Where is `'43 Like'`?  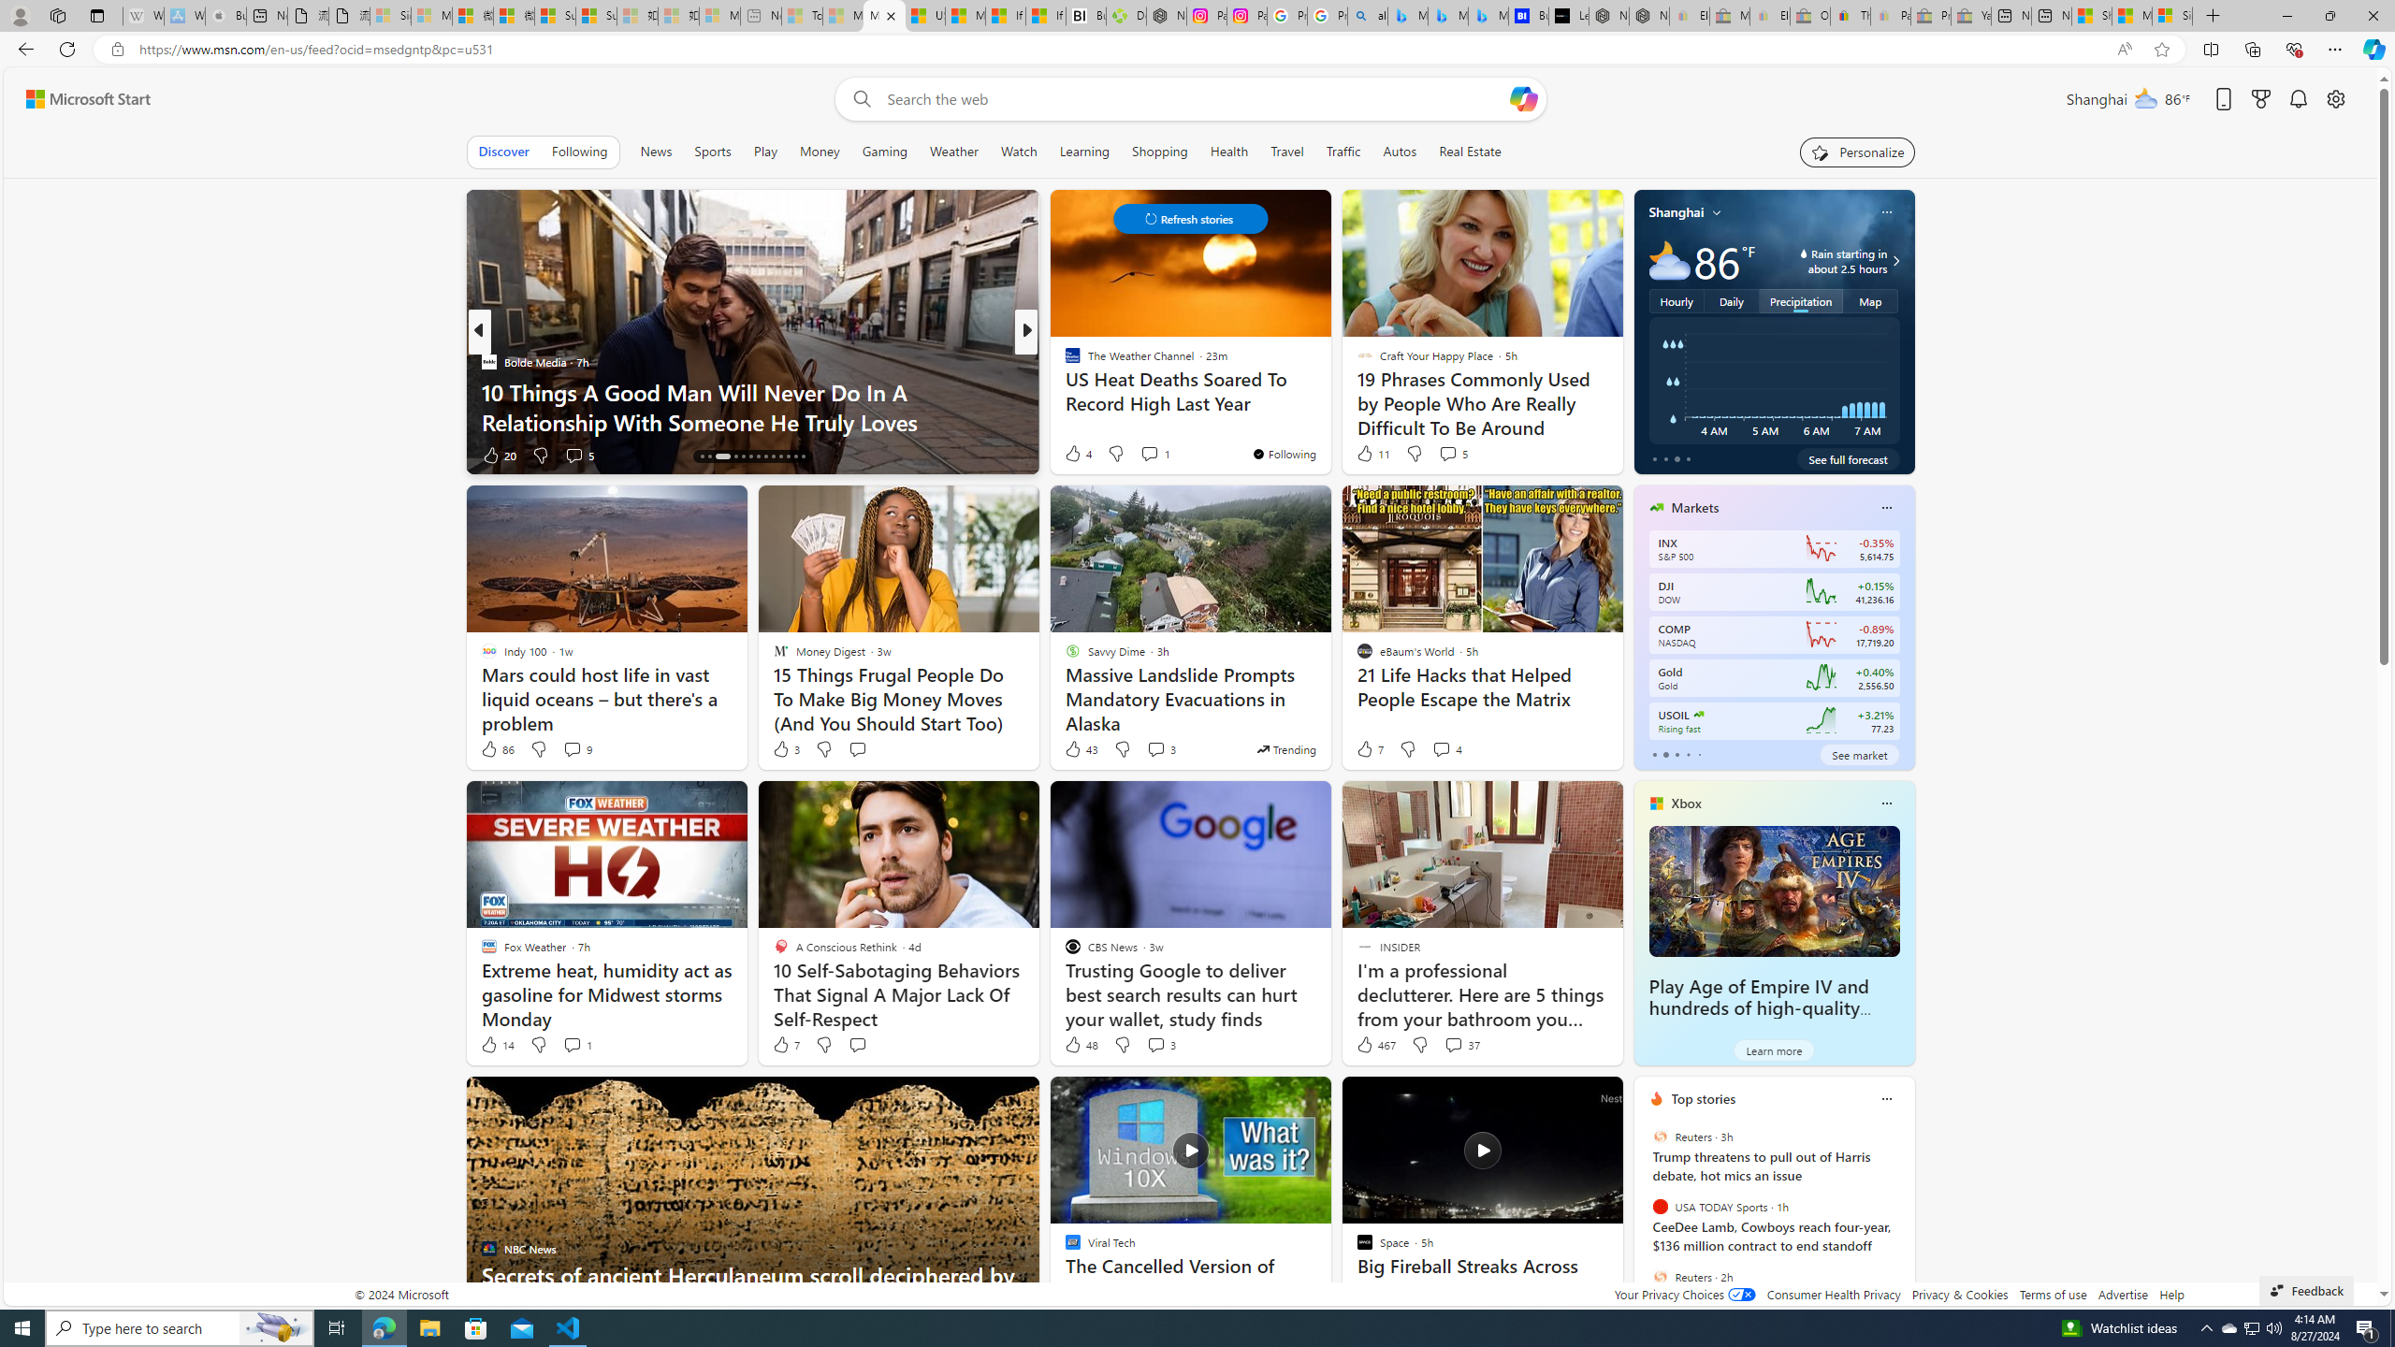
'43 Like' is located at coordinates (1080, 748).